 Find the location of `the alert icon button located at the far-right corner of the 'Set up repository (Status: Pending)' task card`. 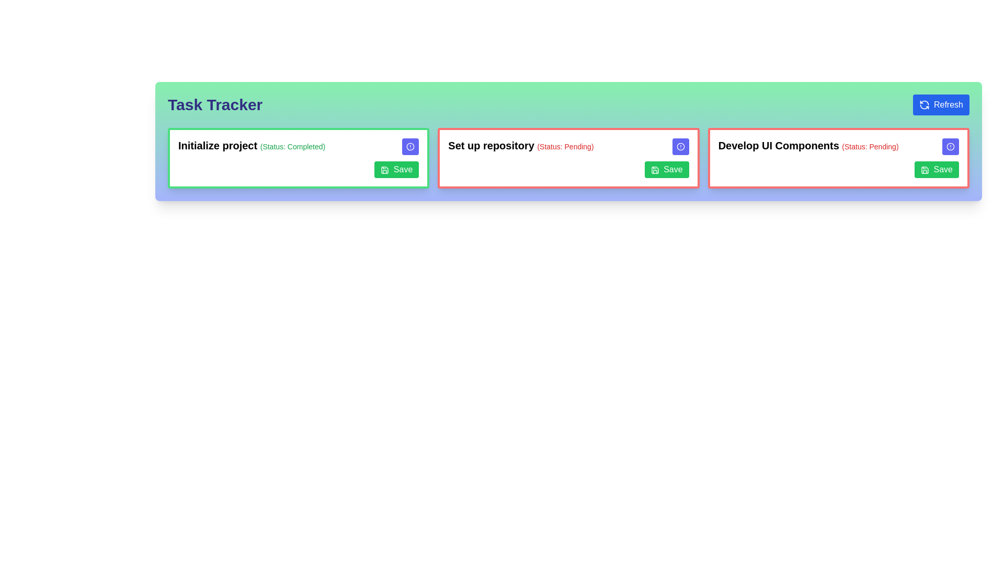

the alert icon button located at the far-right corner of the 'Set up repository (Status: Pending)' task card is located at coordinates (680, 147).